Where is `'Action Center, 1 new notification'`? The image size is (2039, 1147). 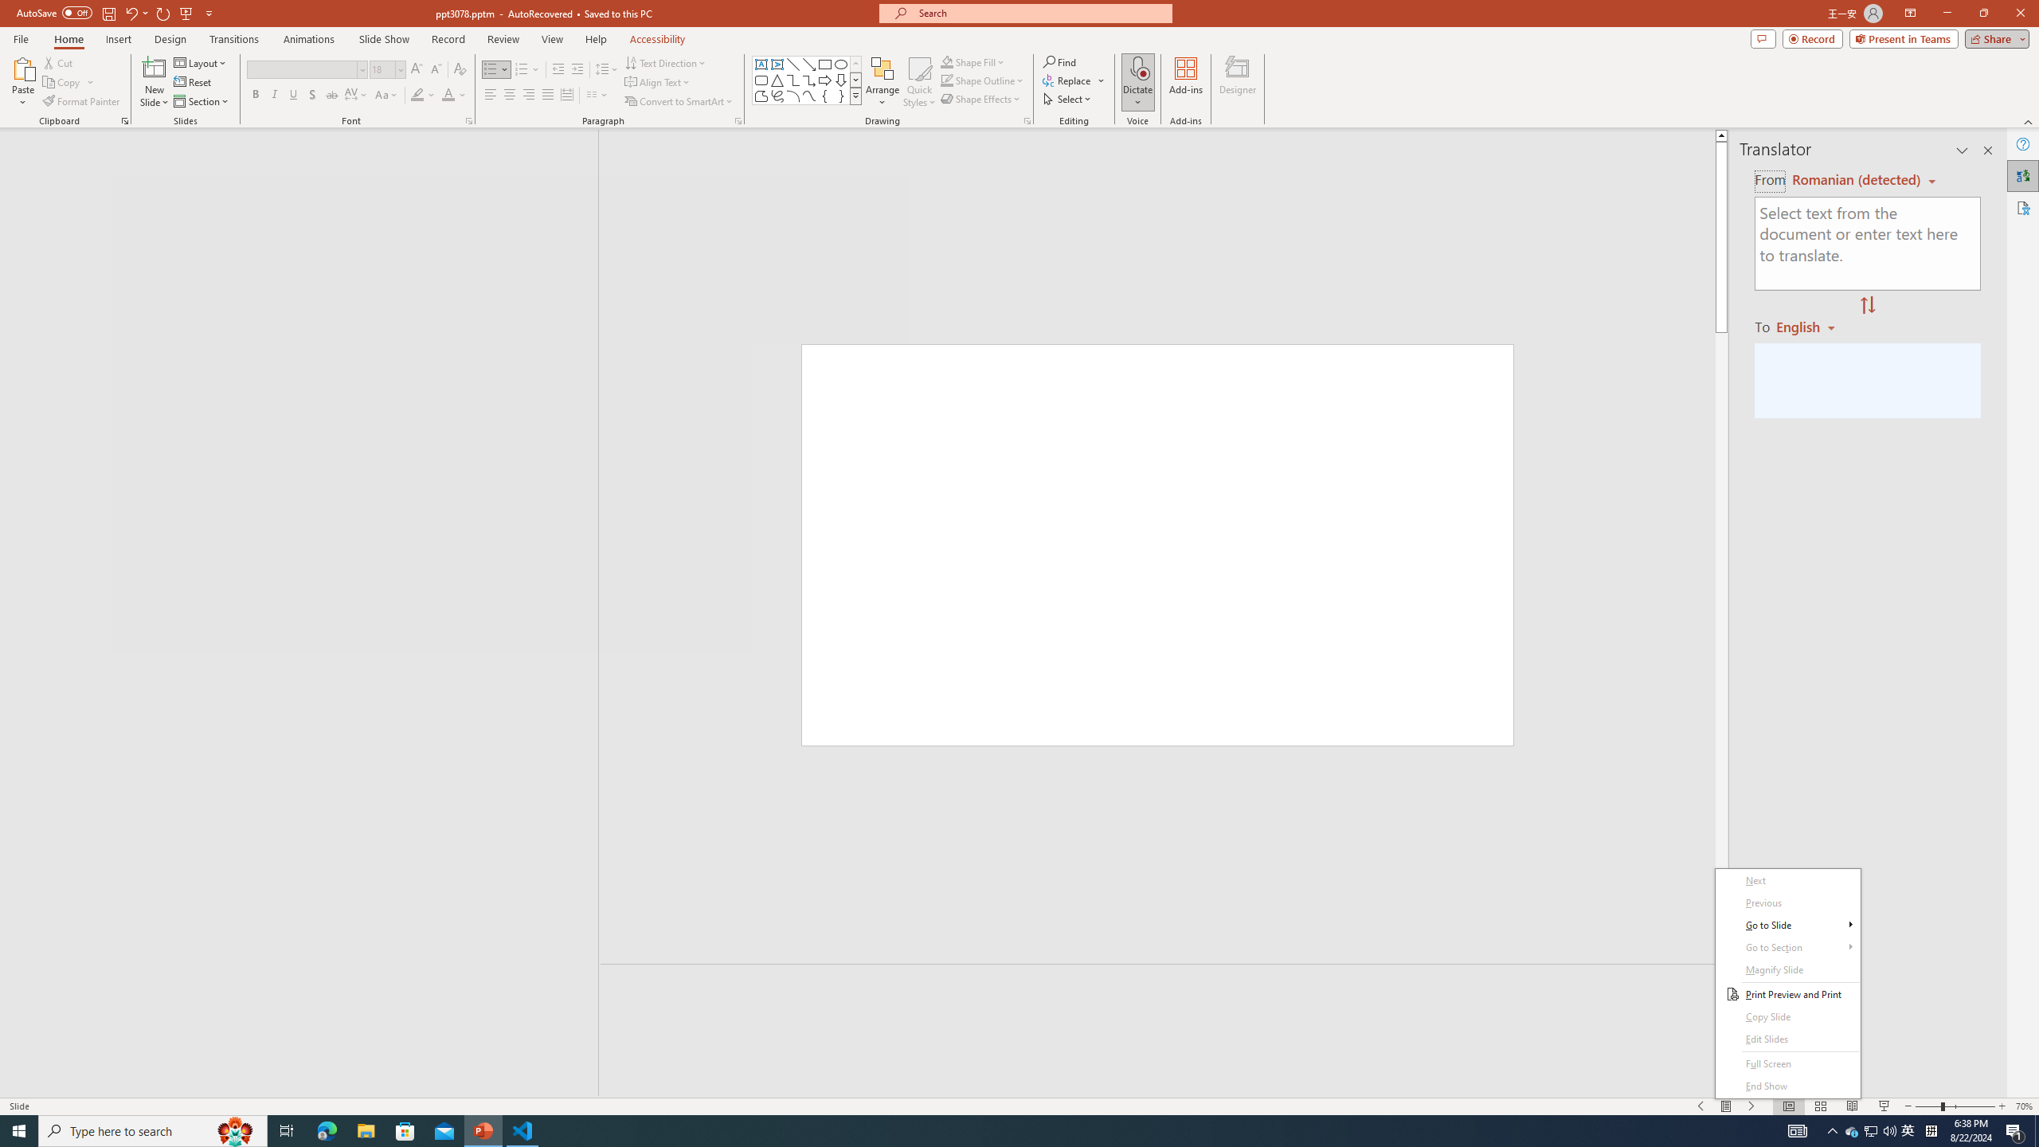
'Action Center, 1 new notification' is located at coordinates (2015, 1129).